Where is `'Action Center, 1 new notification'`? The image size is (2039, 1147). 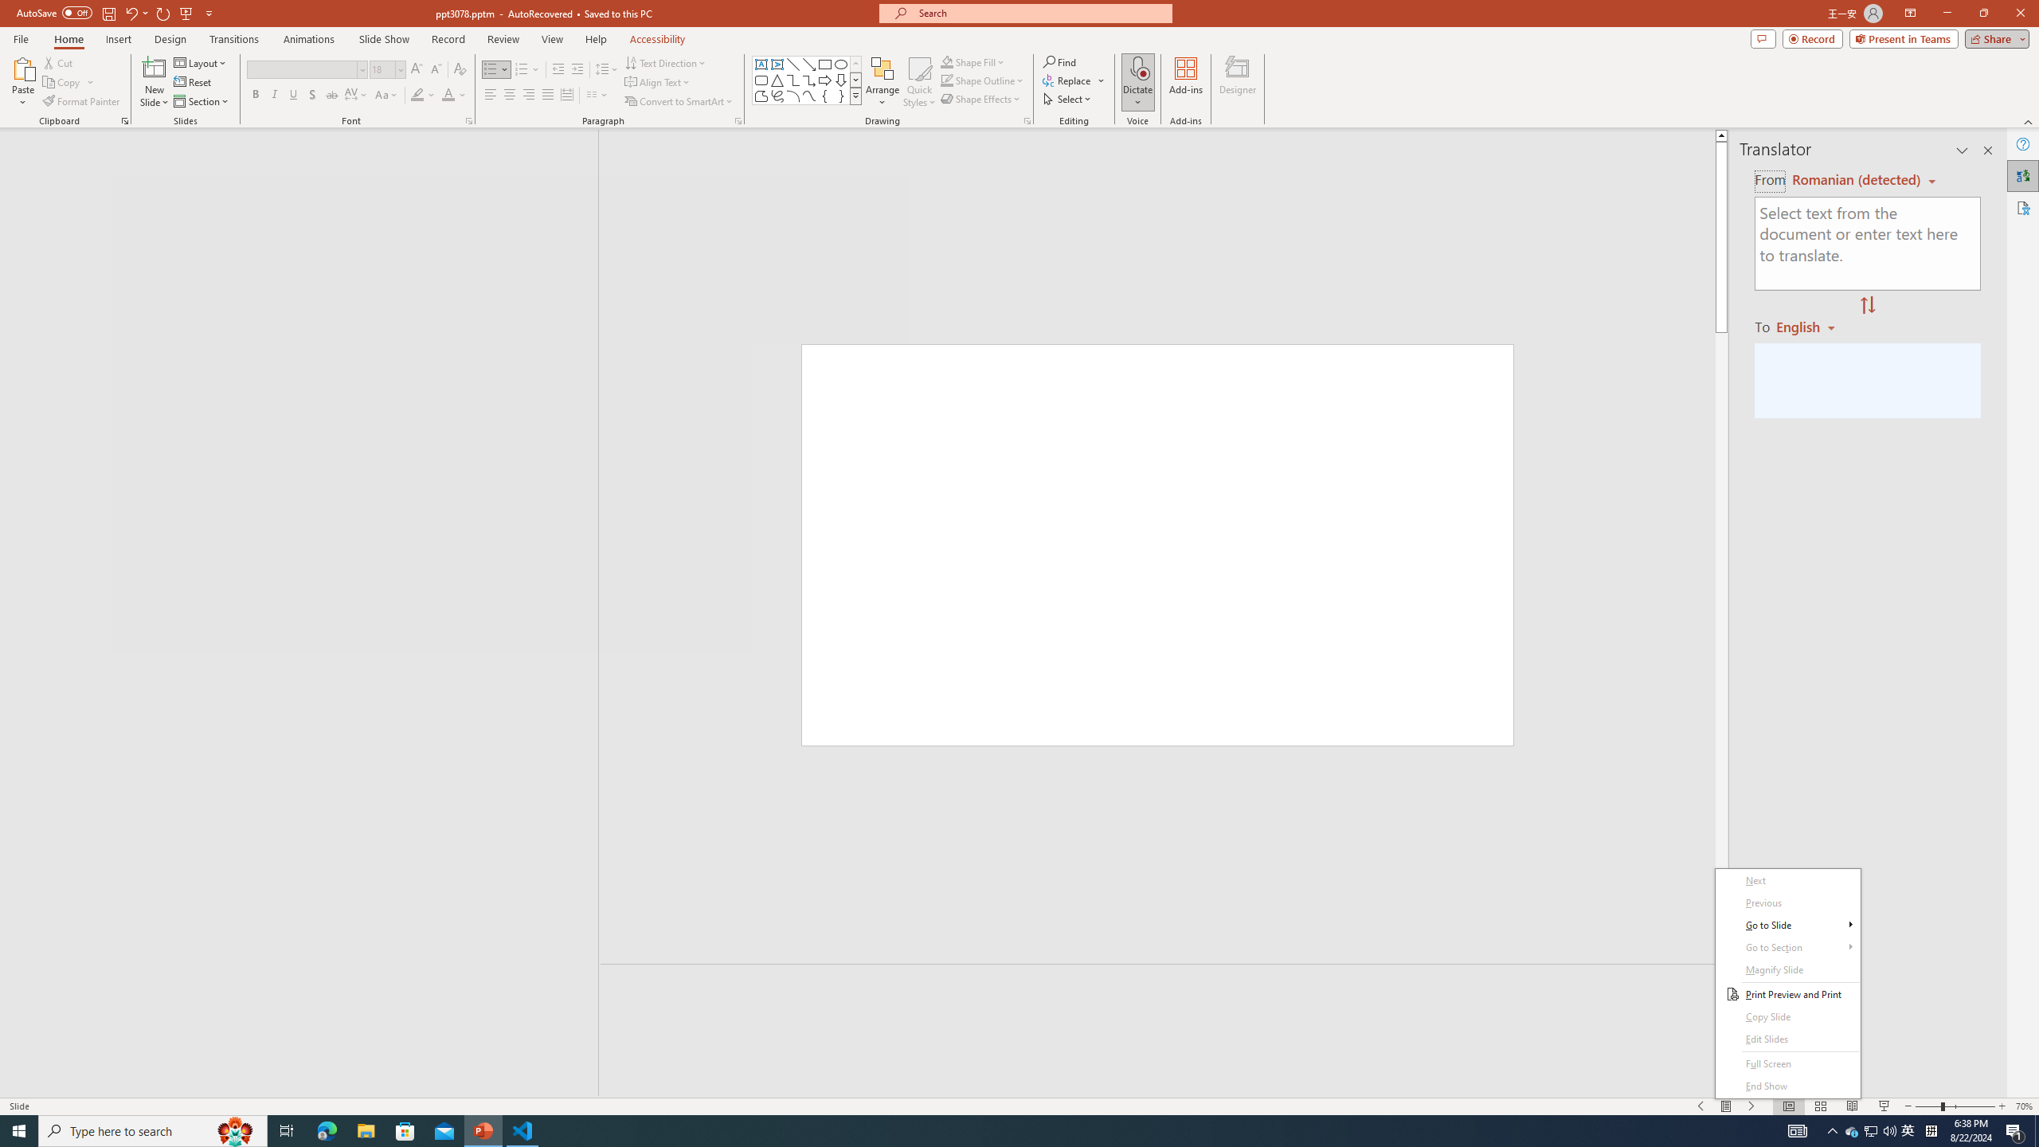
'Action Center, 1 new notification' is located at coordinates (2015, 1129).